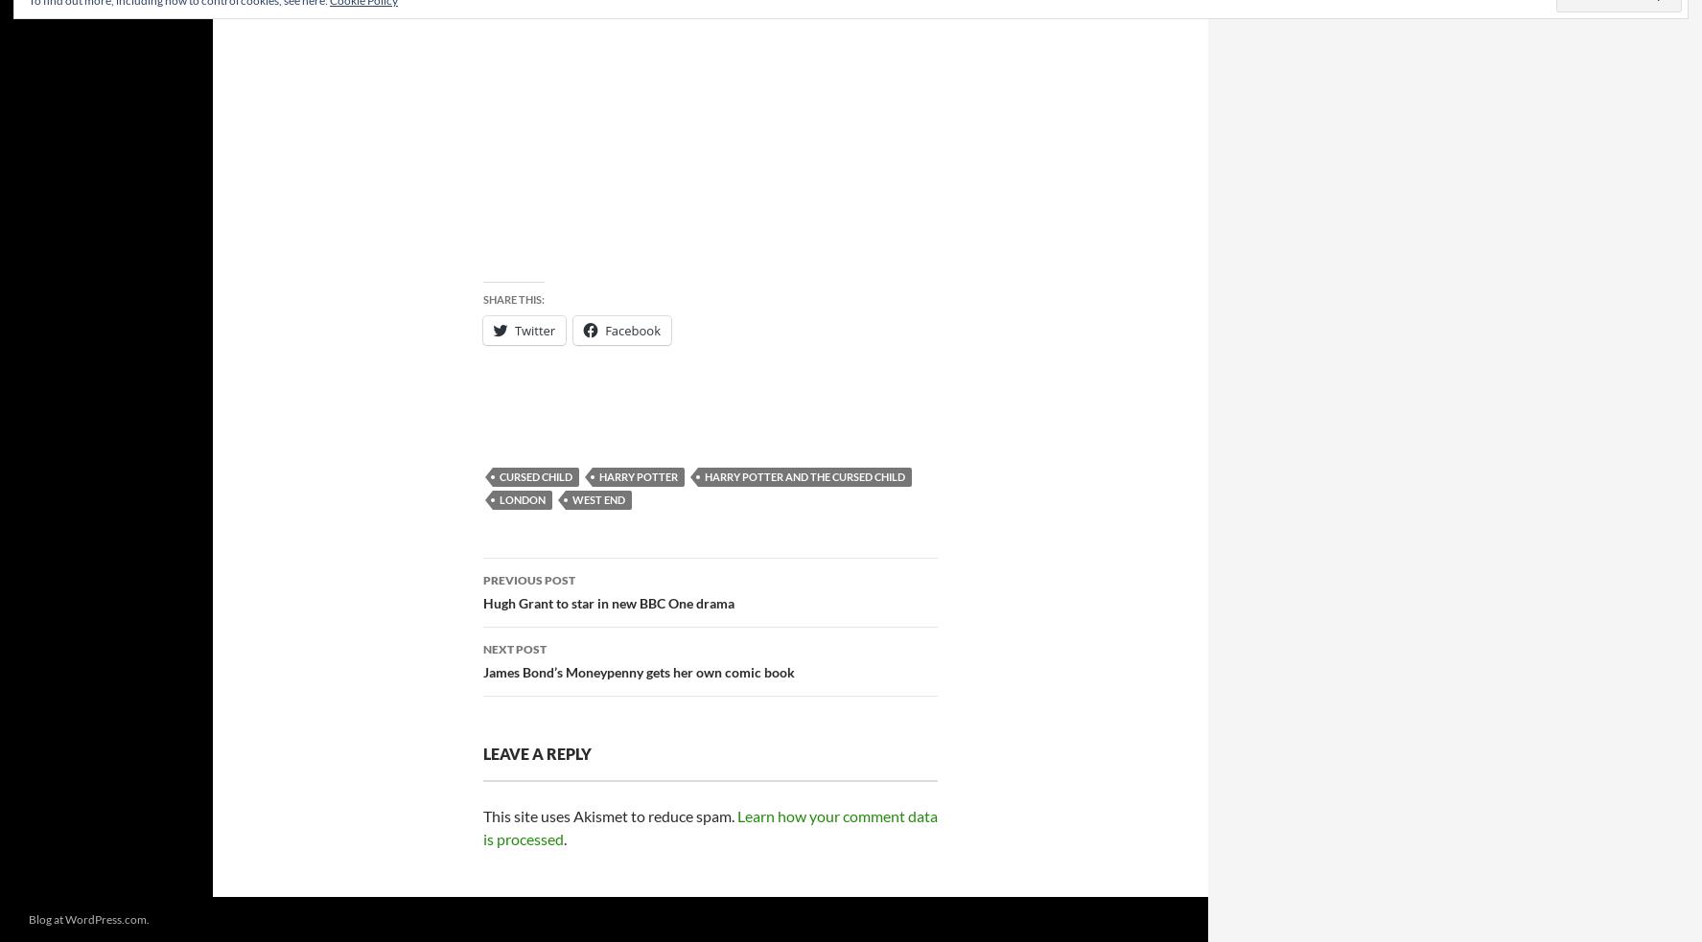 The width and height of the screenshot is (1702, 942). What do you see at coordinates (481, 648) in the screenshot?
I see `'Next Post'` at bounding box center [481, 648].